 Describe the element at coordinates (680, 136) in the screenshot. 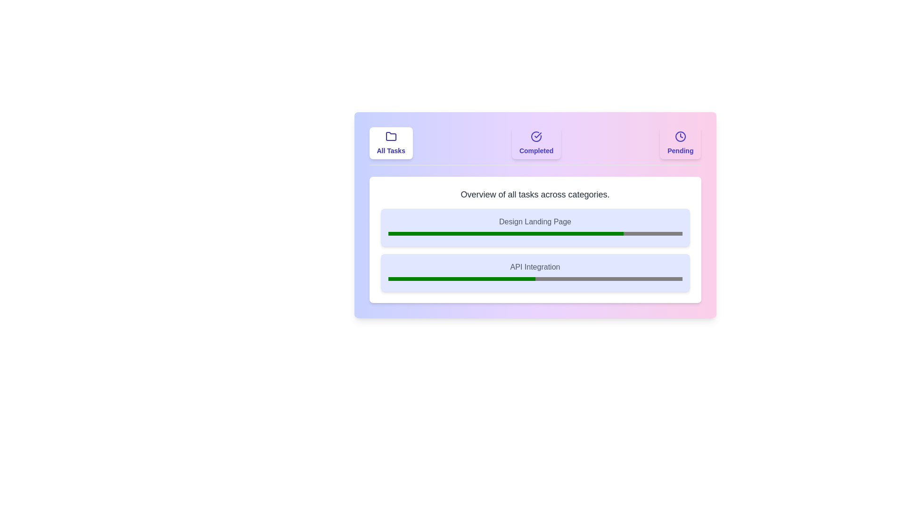

I see `the circular clock icon with a blue stroke located above the 'Pending' button at the top-right corner of the interface` at that location.